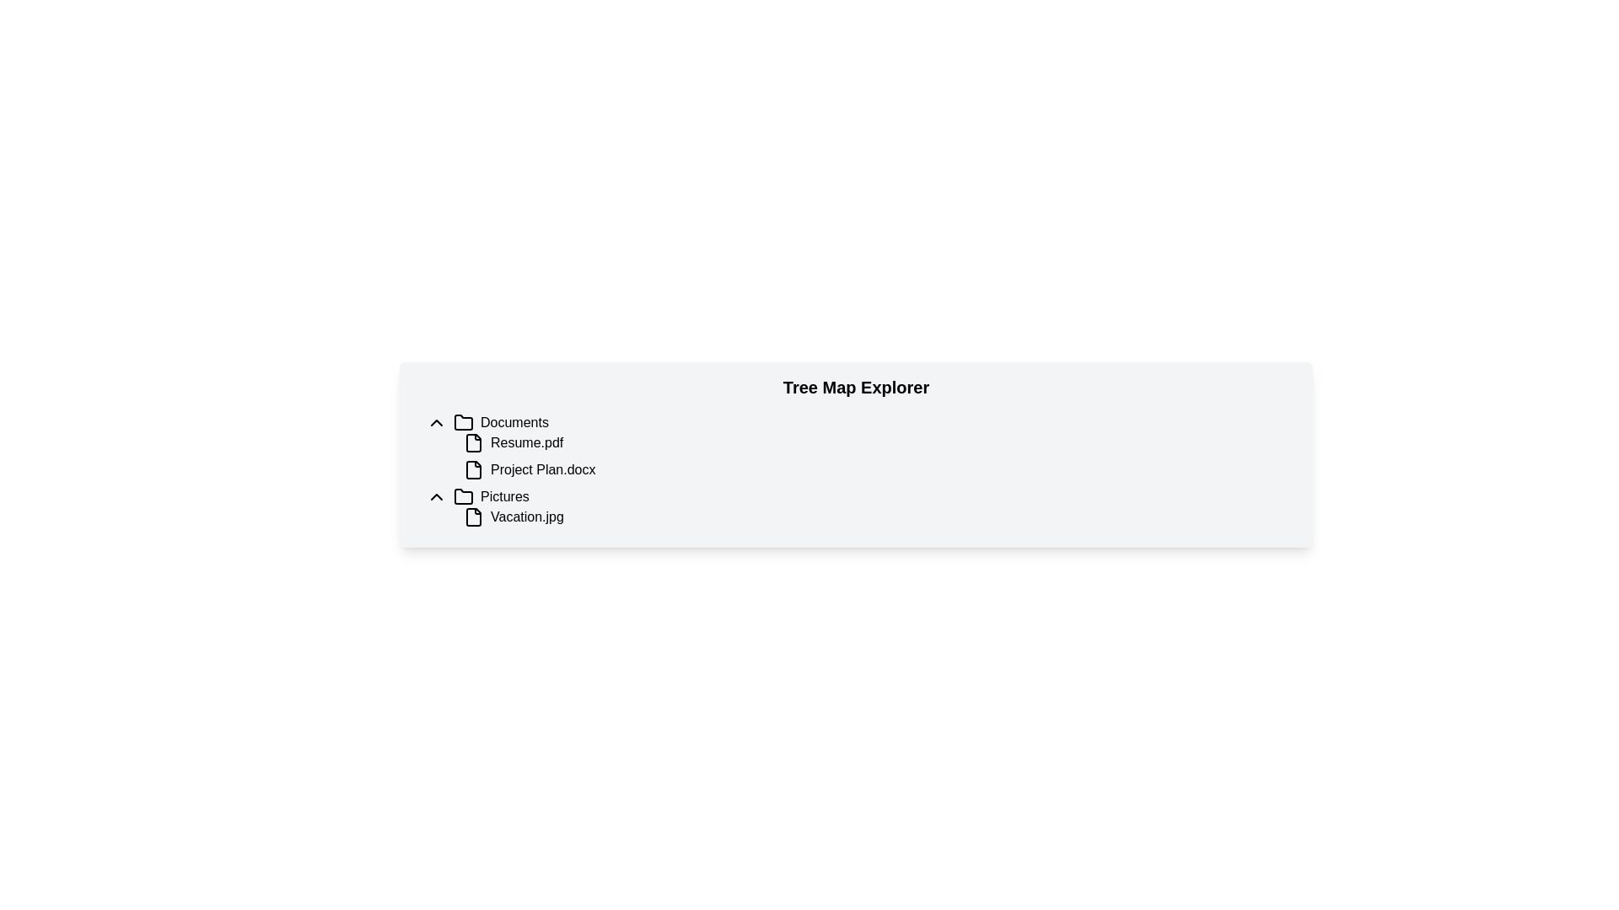 The width and height of the screenshot is (1619, 910). Describe the element at coordinates (526, 516) in the screenshot. I see `the text label representing the file named 'Vacation.jpg' in the file explorer` at that location.